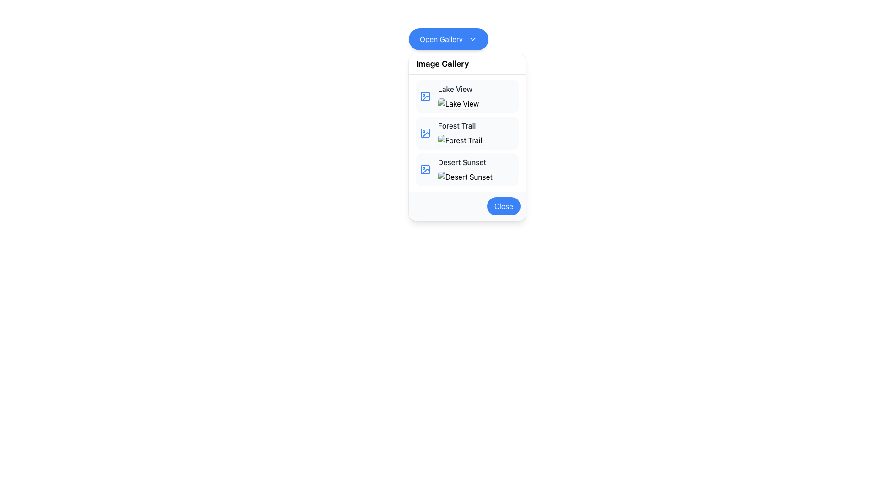 Image resolution: width=879 pixels, height=494 pixels. Describe the element at coordinates (467, 133) in the screenshot. I see `the second item in the gallery list named 'Forest Trail'` at that location.